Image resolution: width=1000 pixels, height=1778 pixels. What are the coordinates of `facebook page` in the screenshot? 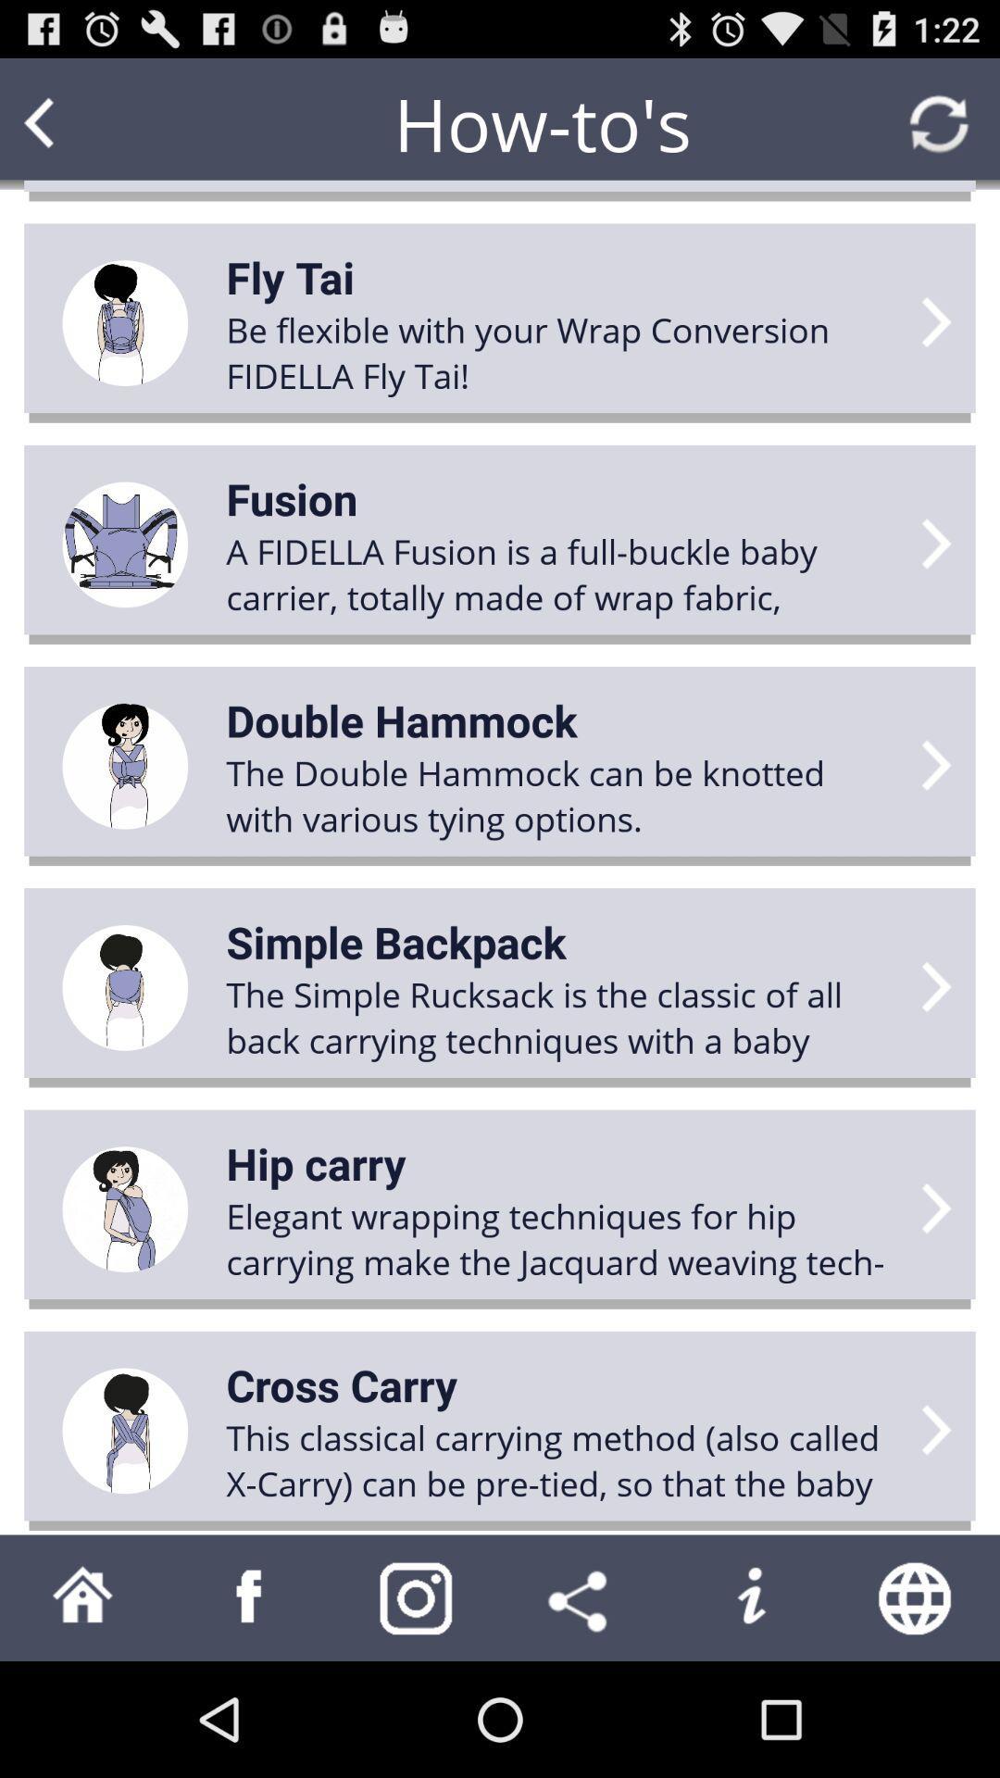 It's located at (250, 1596).